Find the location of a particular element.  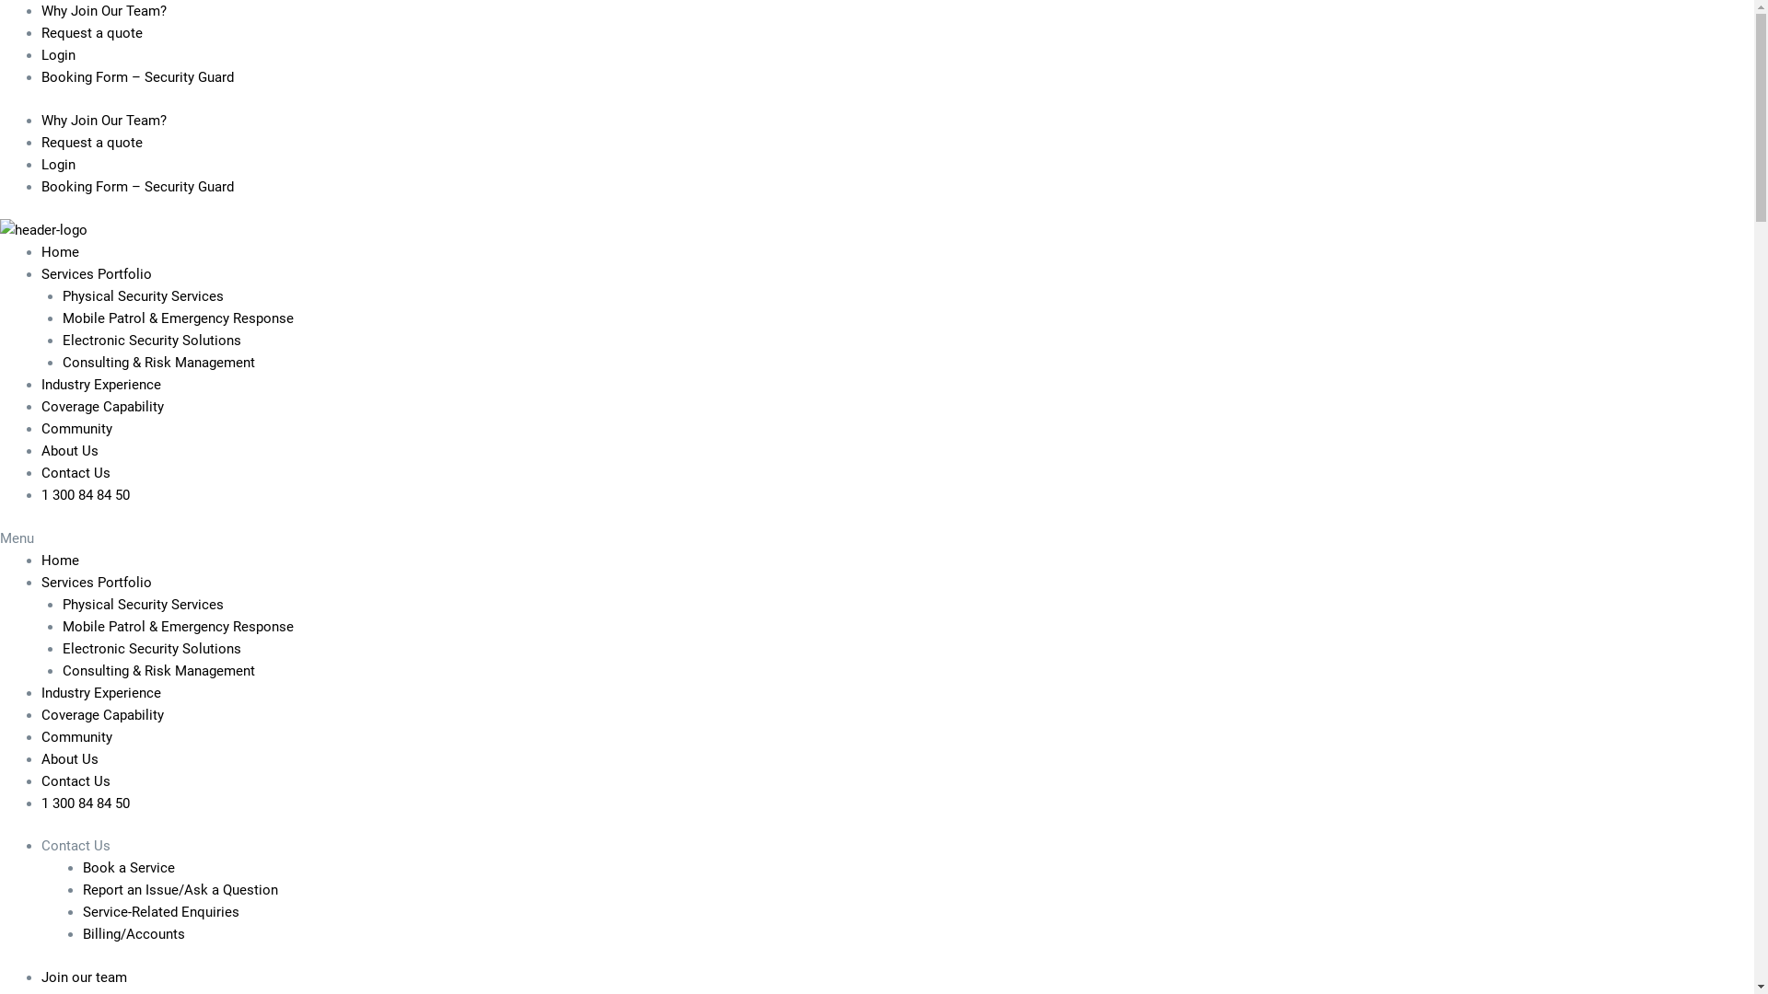

'Consulting & Risk Management' is located at coordinates (158, 362).